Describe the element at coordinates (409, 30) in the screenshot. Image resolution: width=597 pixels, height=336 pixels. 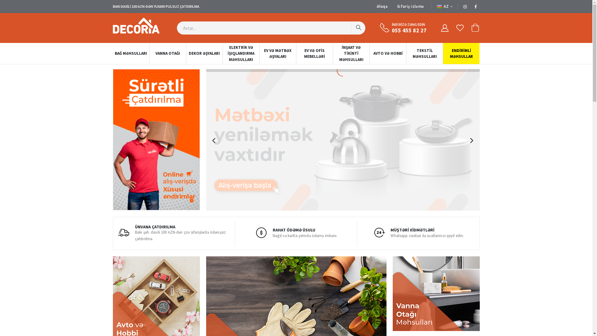
I see `'055 455 82 27'` at that location.